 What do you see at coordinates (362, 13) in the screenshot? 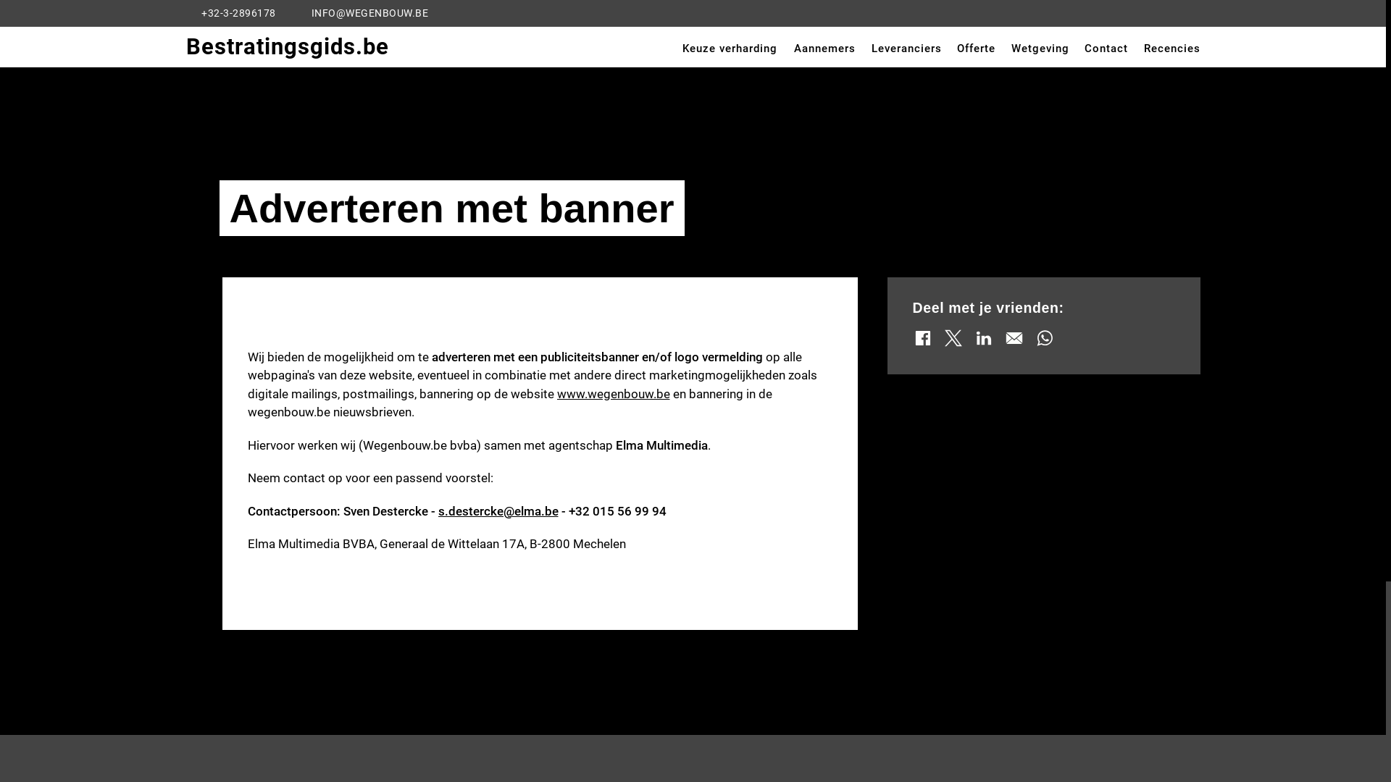
I see `'INFO@WEGENBOUW.BE'` at bounding box center [362, 13].